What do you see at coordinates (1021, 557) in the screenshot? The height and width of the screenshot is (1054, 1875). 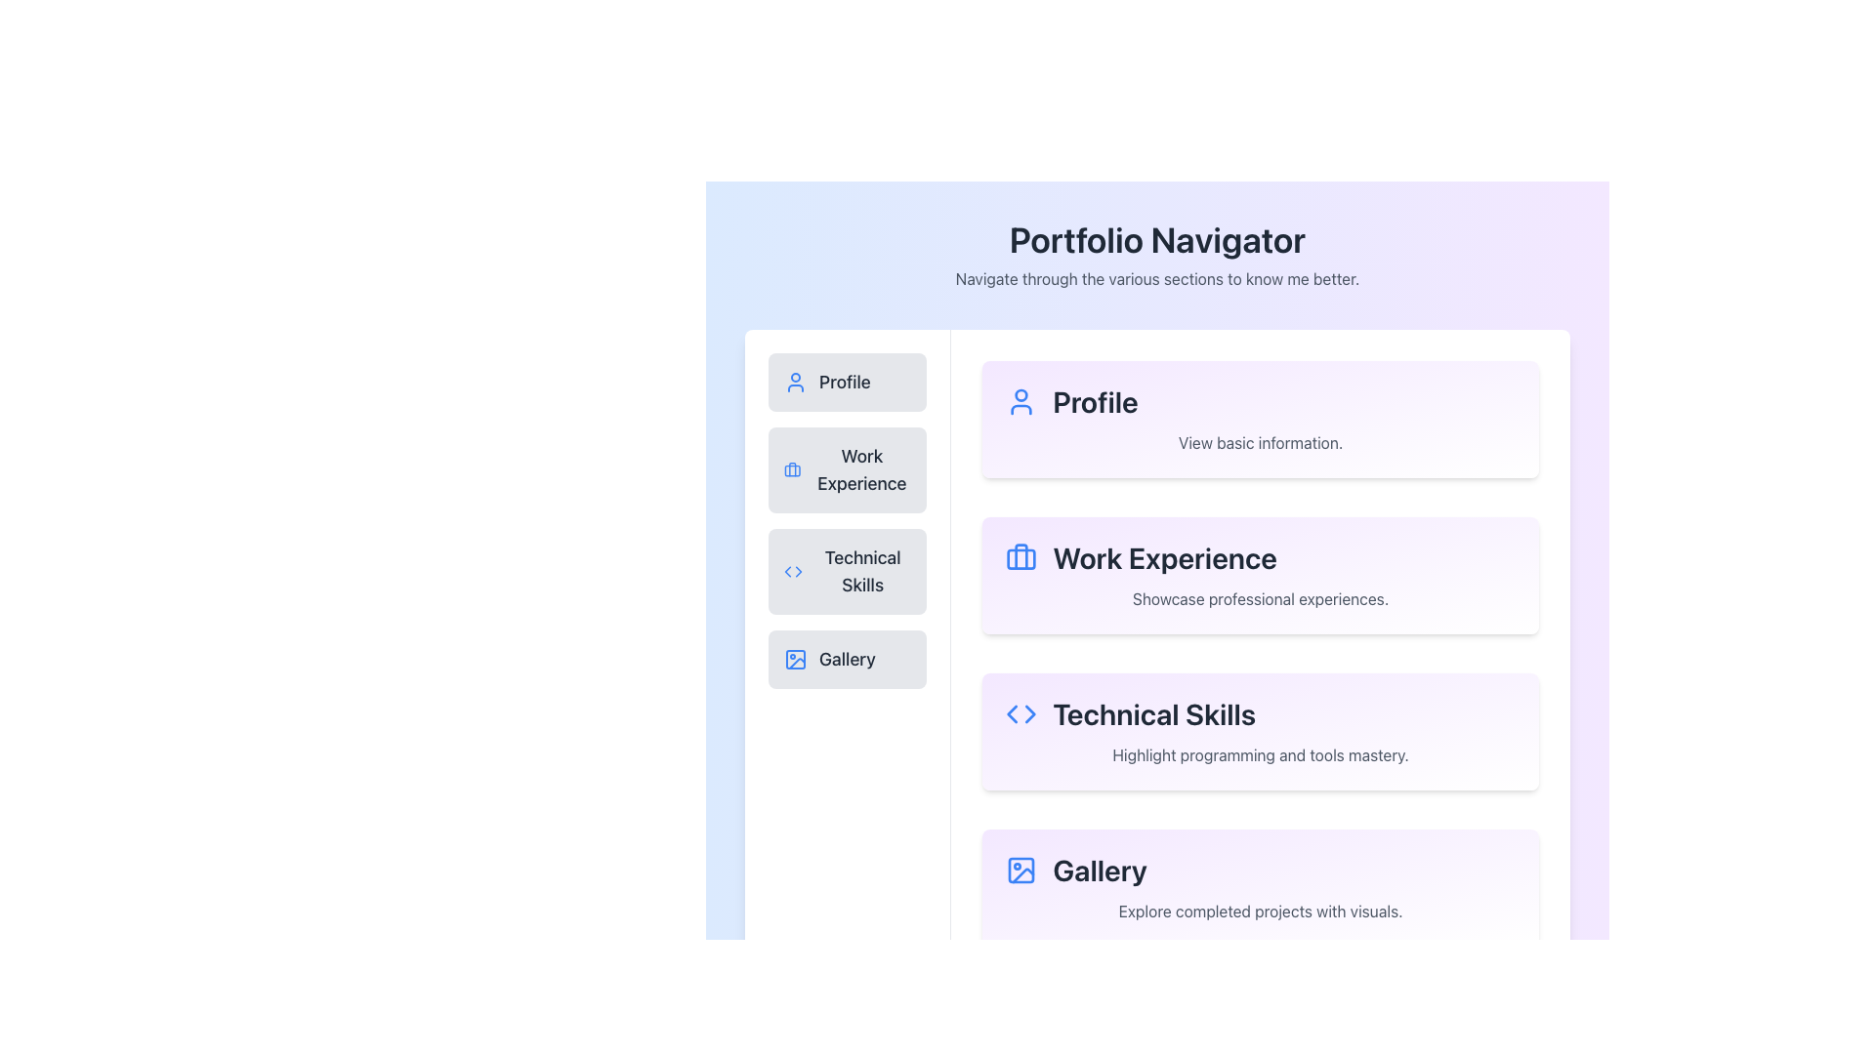 I see `the decorative icon located in the 'Work Experience' section header, positioned to the left of the text 'Work Experience'` at bounding box center [1021, 557].